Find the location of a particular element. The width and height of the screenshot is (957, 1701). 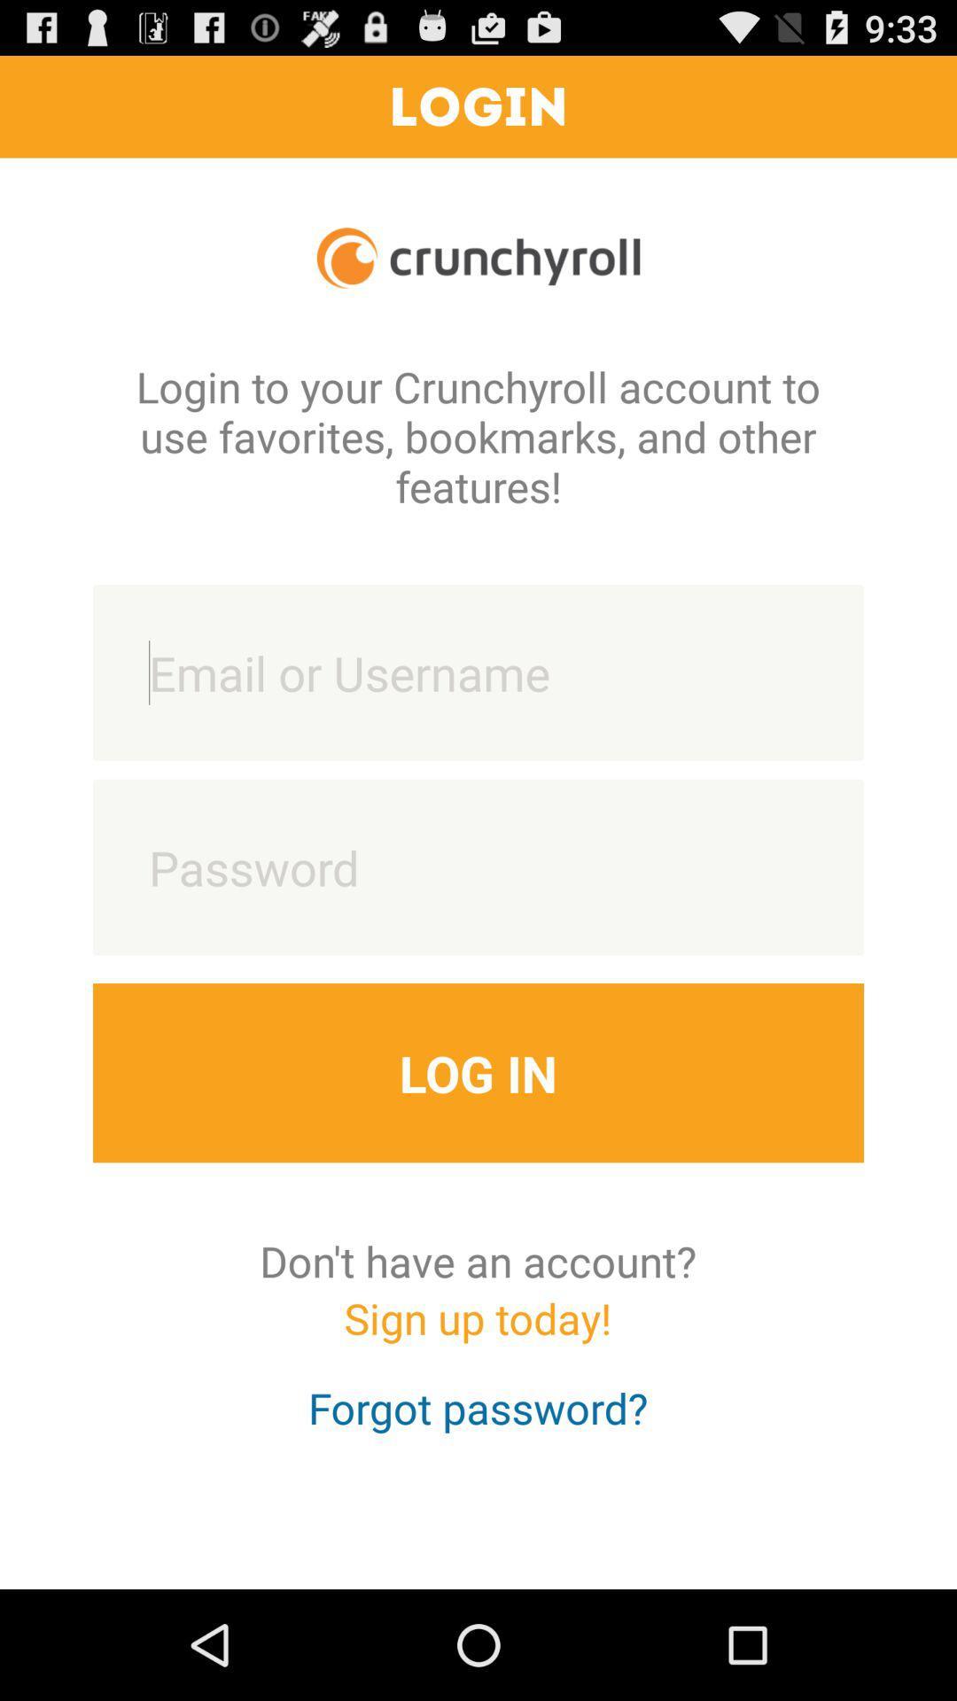

sign up today! is located at coordinates (477, 1334).